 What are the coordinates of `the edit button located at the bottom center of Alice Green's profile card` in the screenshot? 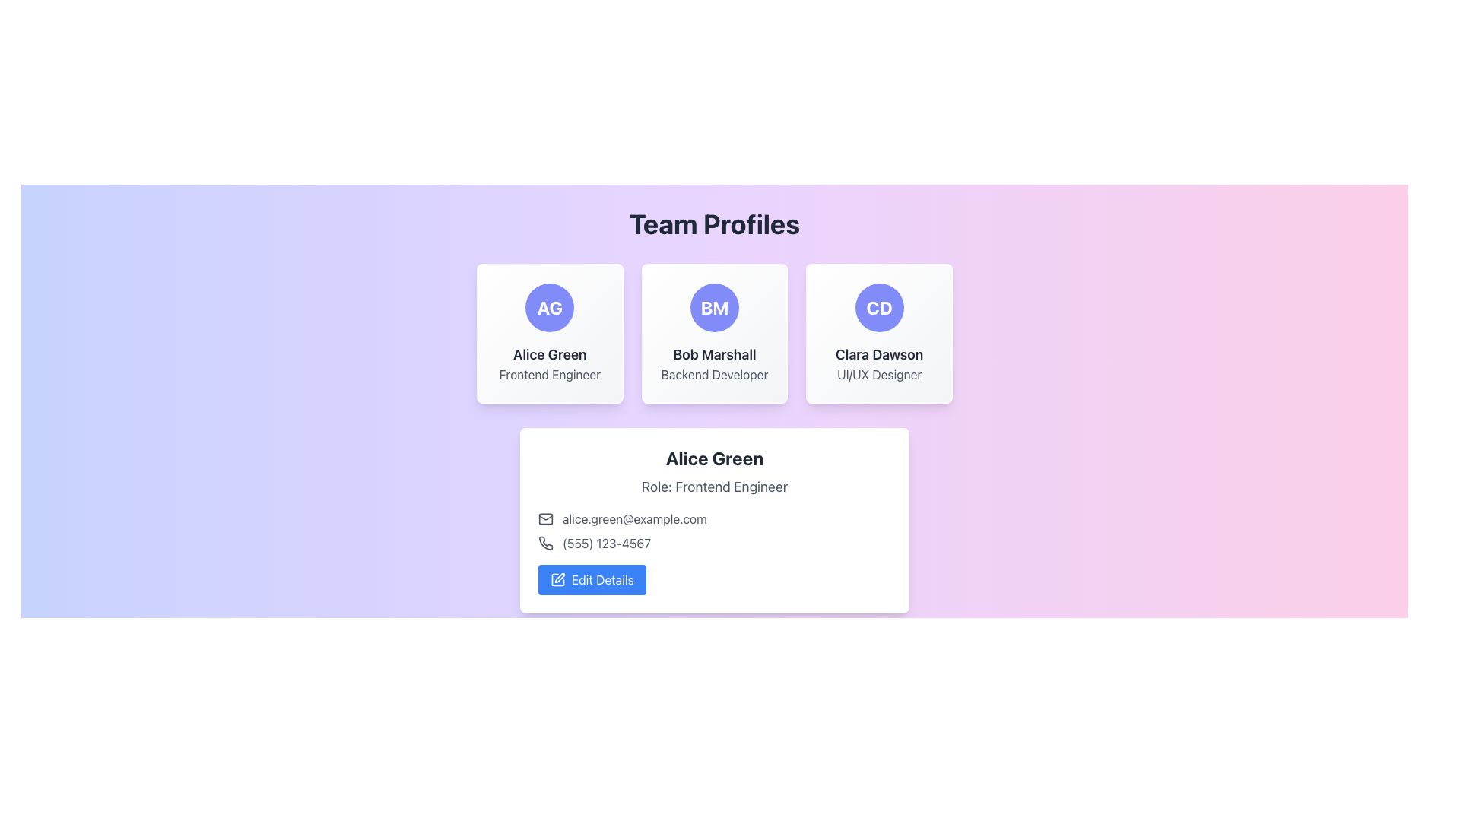 It's located at (591, 580).